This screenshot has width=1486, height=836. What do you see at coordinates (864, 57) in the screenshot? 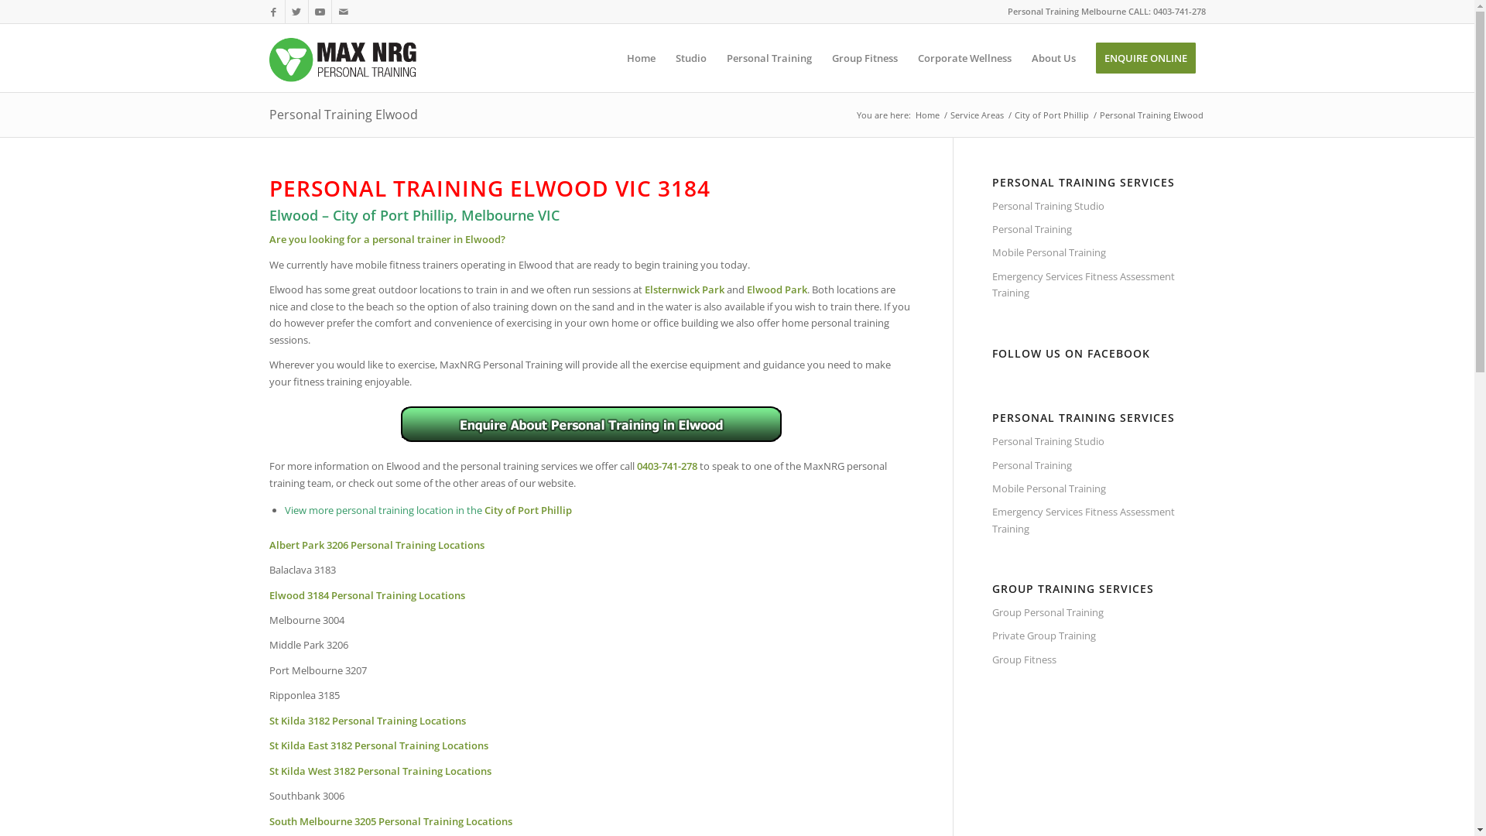
I see `'Group Fitness'` at bounding box center [864, 57].